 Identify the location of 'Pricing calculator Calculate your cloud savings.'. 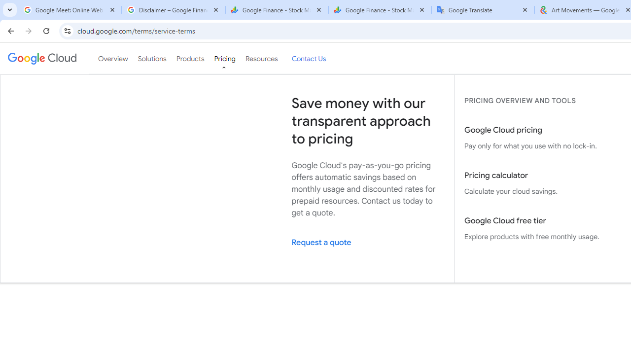
(540, 183).